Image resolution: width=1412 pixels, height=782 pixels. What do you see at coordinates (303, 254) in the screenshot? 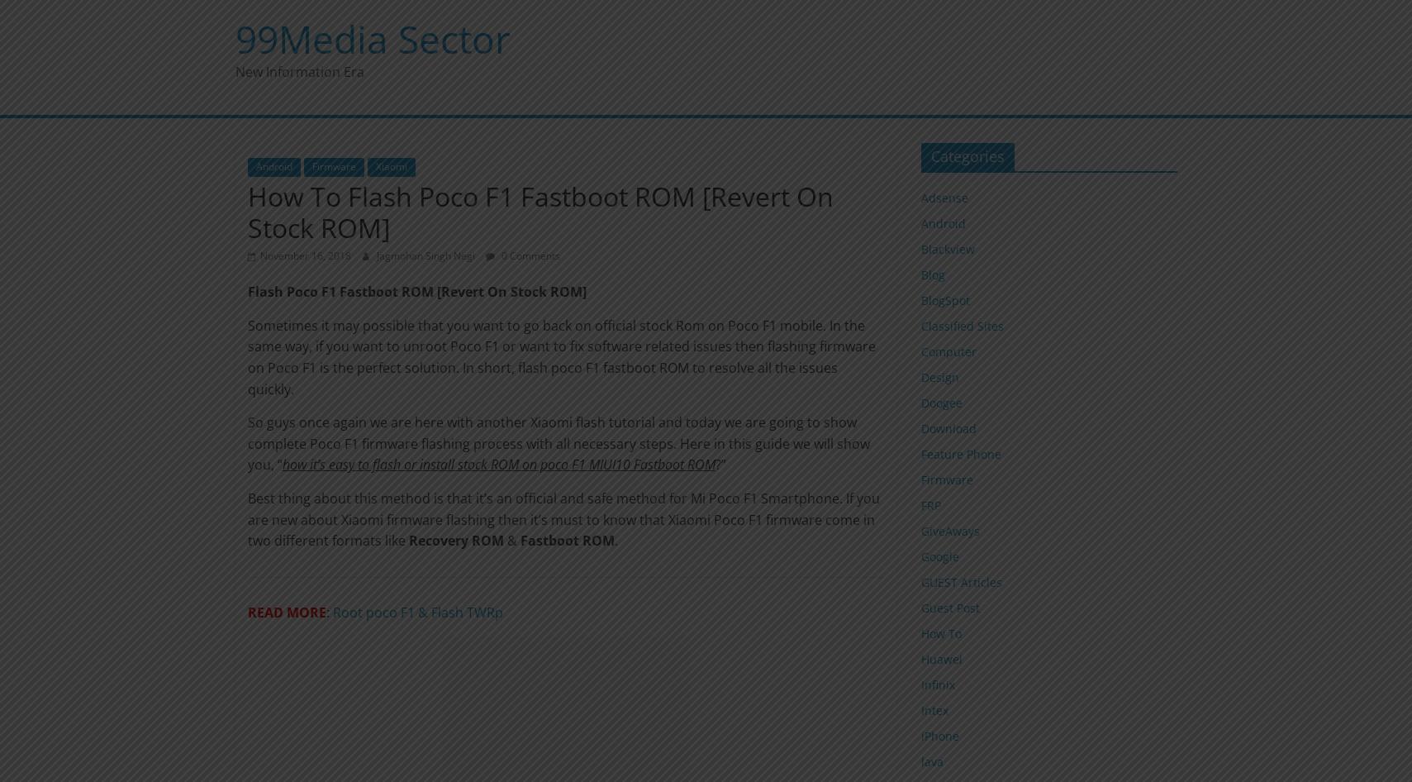
I see `'November 16, 2018'` at bounding box center [303, 254].